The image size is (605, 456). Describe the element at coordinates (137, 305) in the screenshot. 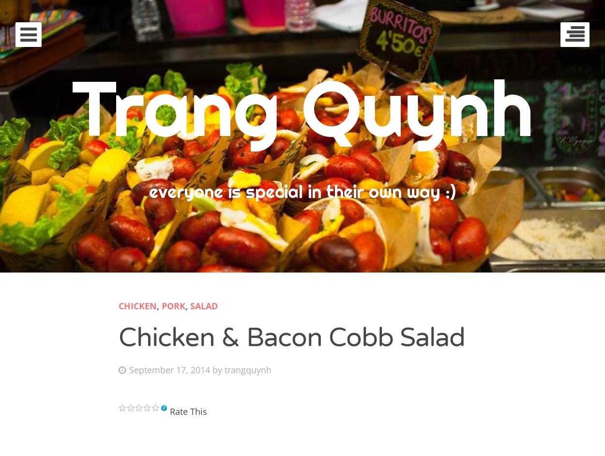

I see `'Chicken'` at that location.